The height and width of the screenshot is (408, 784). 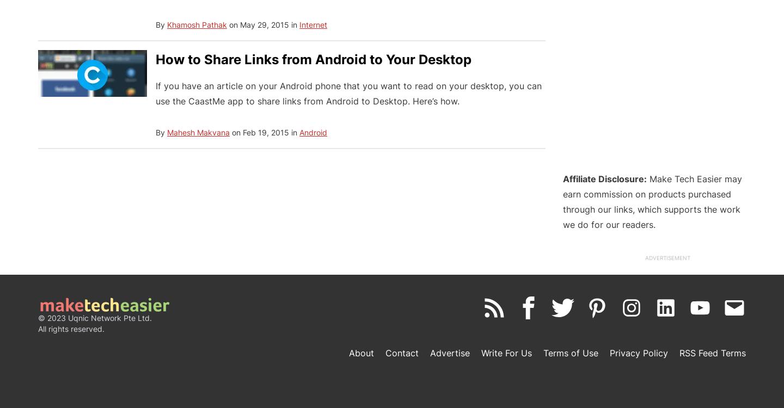 I want to click on 'Contact', so click(x=401, y=353).